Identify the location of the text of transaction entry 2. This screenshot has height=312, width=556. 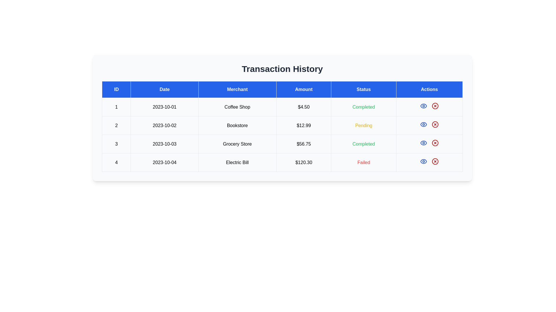
(282, 125).